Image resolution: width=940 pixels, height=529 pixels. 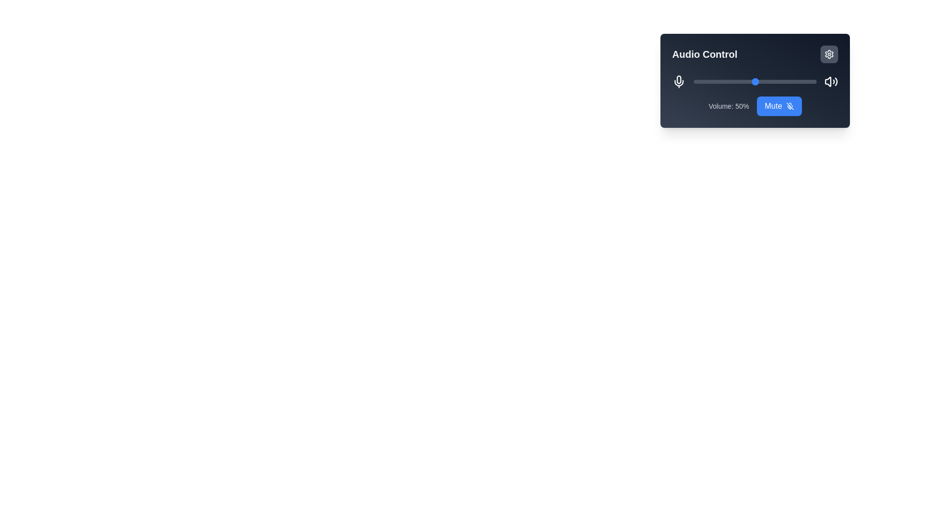 I want to click on the audio volume, so click(x=718, y=81).